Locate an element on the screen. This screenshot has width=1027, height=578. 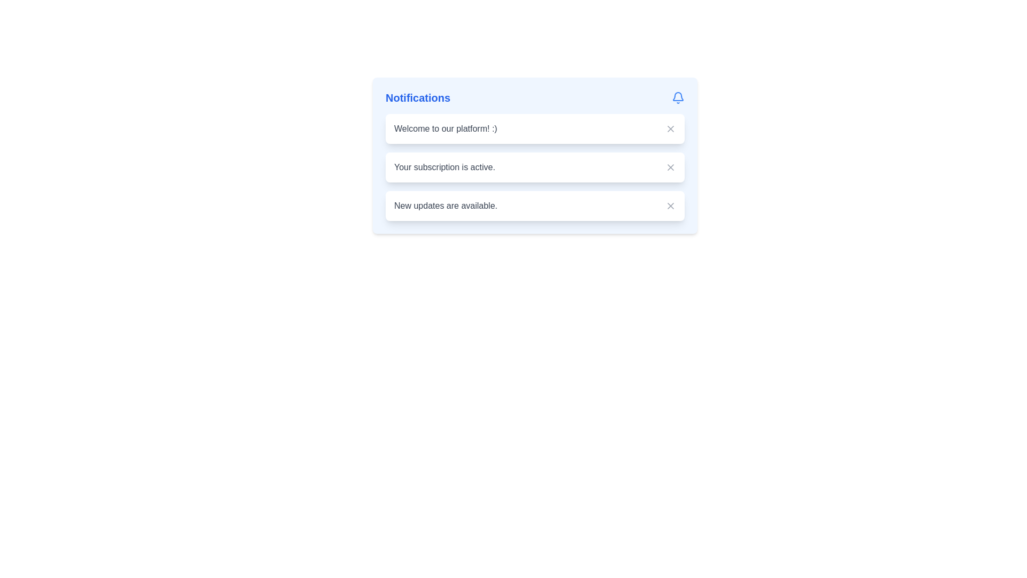
the Icon button in the top-right corner of the notification card that dismisses the notification when clicked is located at coordinates (670, 128).